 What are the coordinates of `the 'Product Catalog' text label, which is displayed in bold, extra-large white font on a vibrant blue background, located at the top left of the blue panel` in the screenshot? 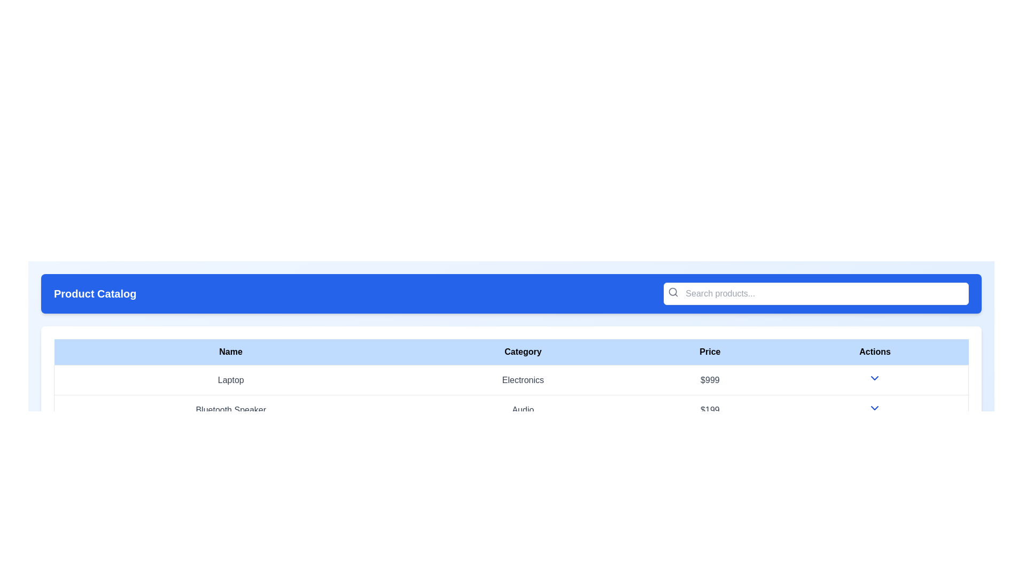 It's located at (95, 294).